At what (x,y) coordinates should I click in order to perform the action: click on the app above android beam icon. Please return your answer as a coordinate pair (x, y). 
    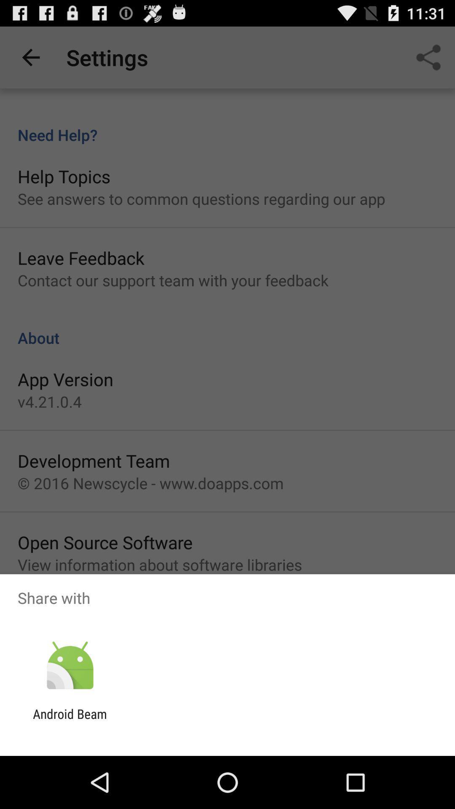
    Looking at the image, I should click on (70, 665).